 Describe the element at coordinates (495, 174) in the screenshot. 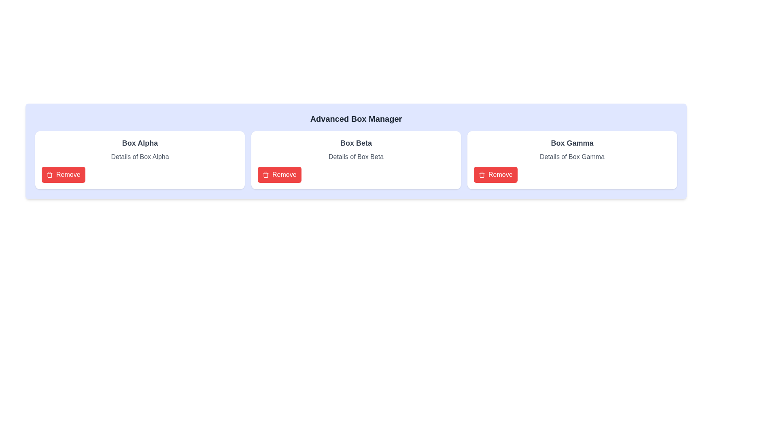

I see `the 'Remove' button with a red background and white text located in the 'Box Gamma' card` at that location.